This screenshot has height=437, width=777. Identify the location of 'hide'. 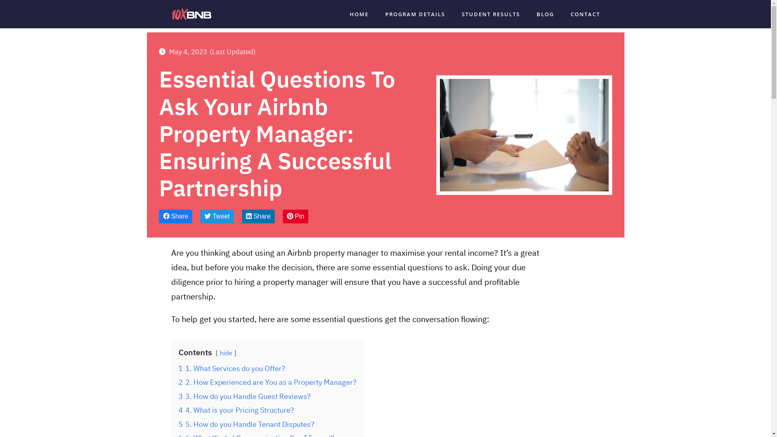
(225, 352).